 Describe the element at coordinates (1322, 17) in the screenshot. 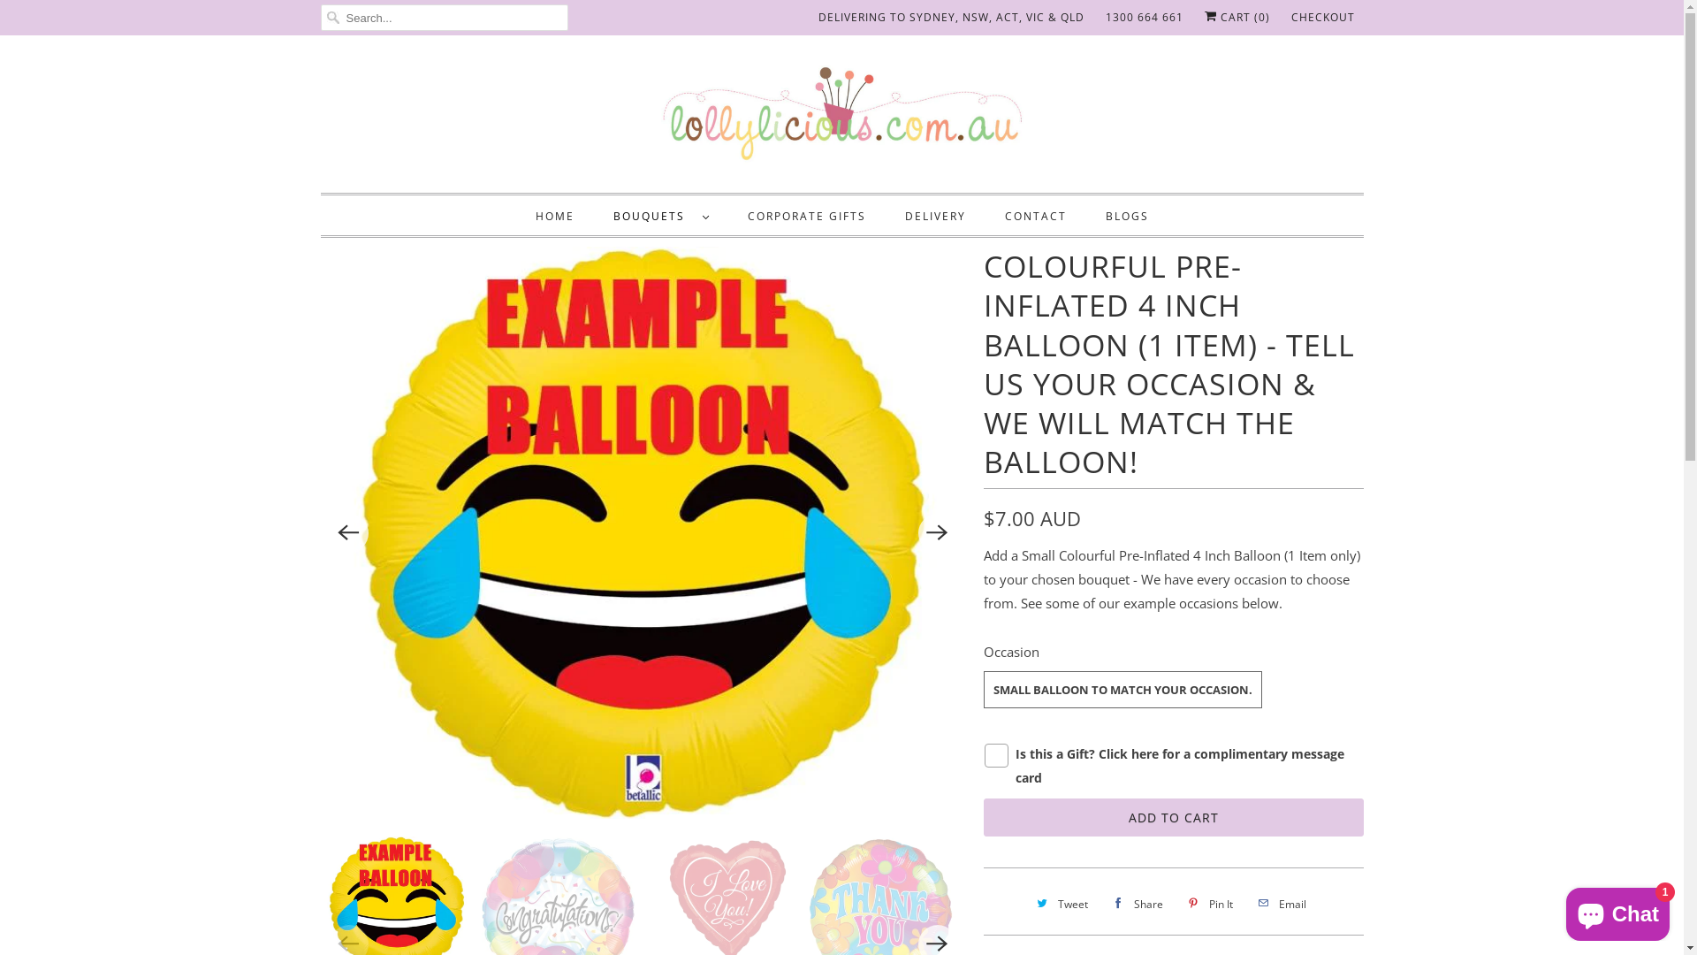

I see `'CHECKOUT'` at that location.